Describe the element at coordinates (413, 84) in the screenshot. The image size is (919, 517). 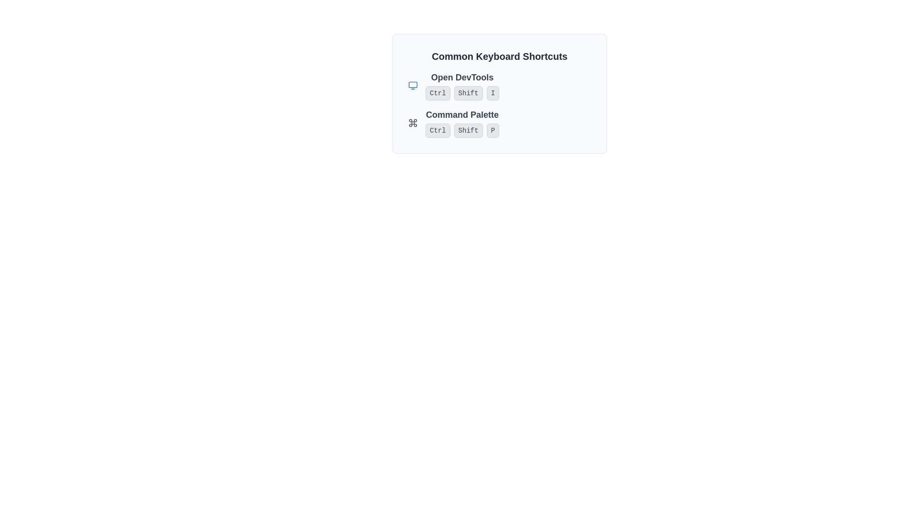
I see `the central rectangular region of the monitor icon, which is part of a Vector Graphic Component resembling a monitor` at that location.